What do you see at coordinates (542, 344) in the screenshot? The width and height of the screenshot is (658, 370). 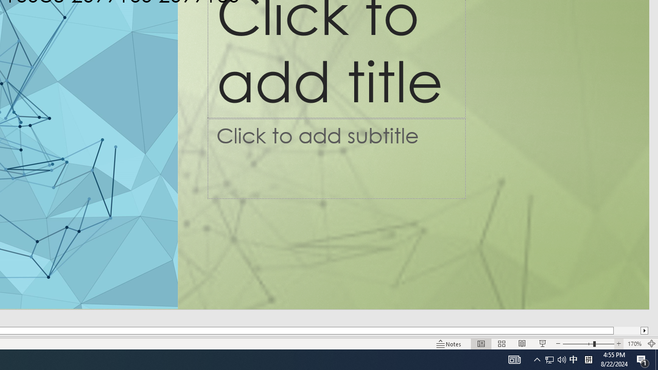 I see `'Slide Show'` at bounding box center [542, 344].